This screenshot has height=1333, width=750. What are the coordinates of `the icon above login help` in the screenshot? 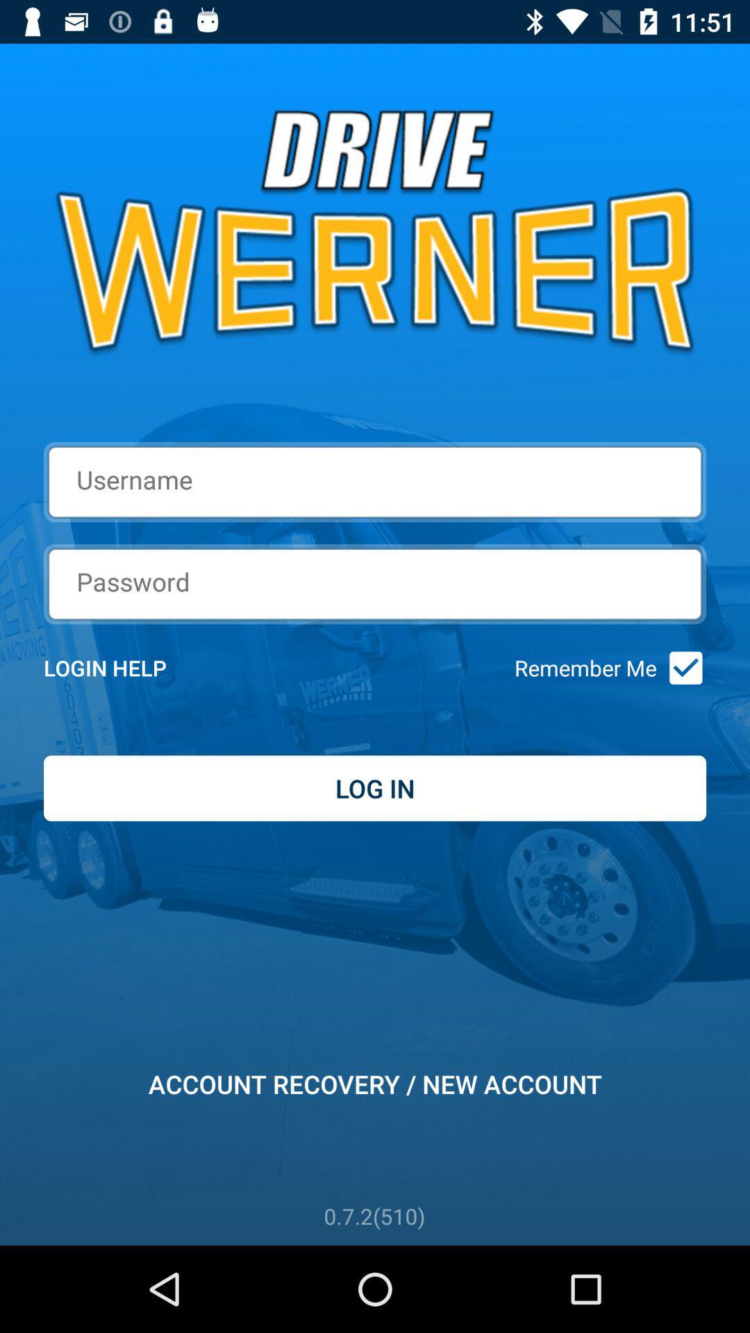 It's located at (375, 584).